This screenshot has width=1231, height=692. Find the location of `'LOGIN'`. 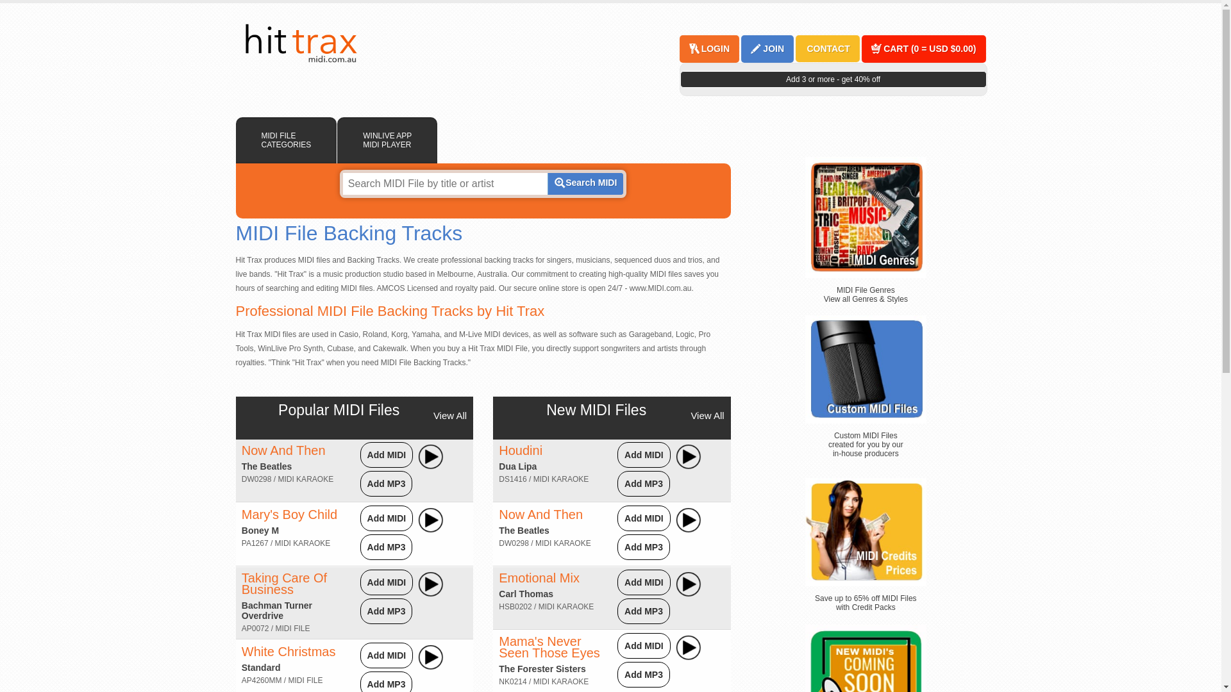

'LOGIN' is located at coordinates (714, 48).